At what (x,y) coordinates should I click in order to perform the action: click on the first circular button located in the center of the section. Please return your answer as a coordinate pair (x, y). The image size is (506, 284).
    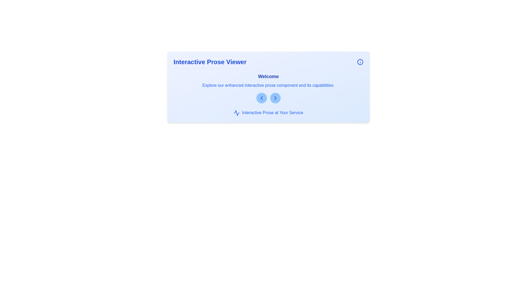
    Looking at the image, I should click on (261, 98).